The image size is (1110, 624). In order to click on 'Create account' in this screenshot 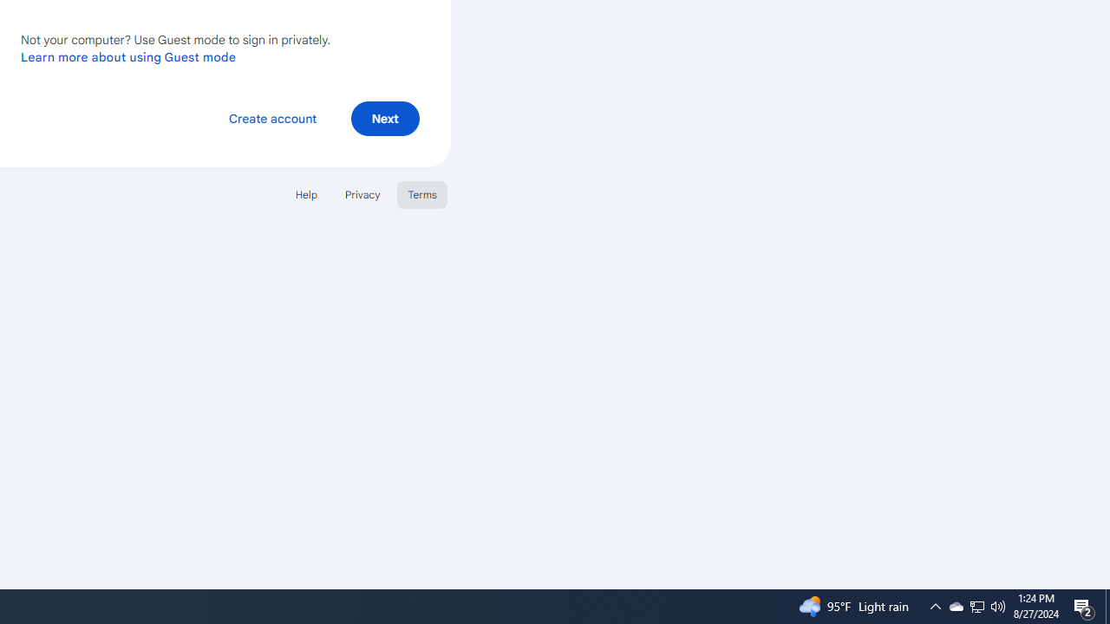, I will do `click(271, 117)`.